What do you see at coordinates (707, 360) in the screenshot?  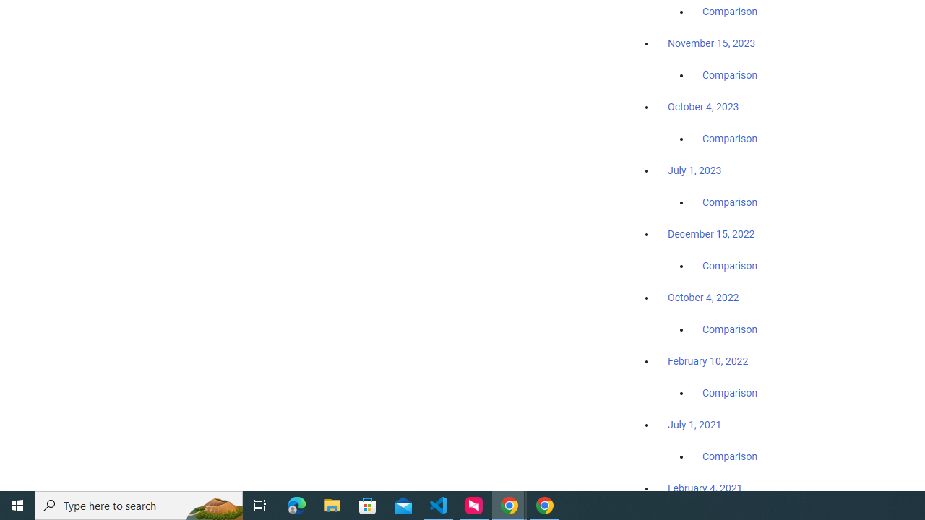 I see `'February 10, 2022'` at bounding box center [707, 360].